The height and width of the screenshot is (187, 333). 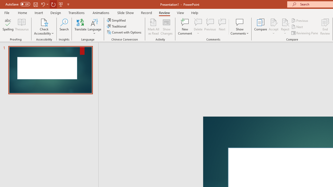 I want to click on 'Previous', so click(x=300, y=20).